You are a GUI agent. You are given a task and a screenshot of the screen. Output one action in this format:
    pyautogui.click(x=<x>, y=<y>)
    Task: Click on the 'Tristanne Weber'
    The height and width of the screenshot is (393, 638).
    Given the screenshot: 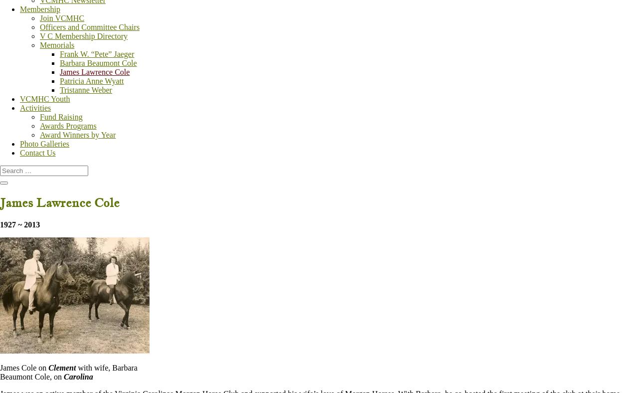 What is the action you would take?
    pyautogui.click(x=59, y=90)
    